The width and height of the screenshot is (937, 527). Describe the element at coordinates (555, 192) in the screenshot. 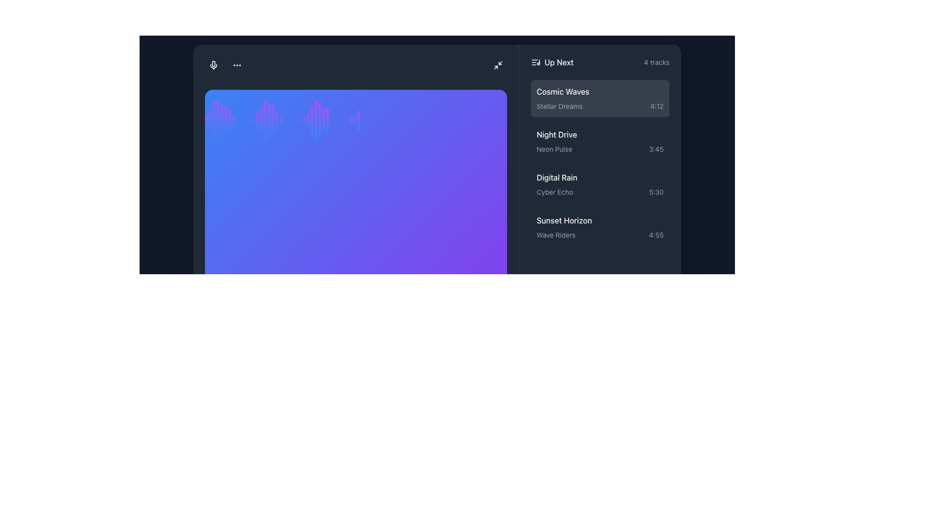

I see `text label located under the 'Digital Rain' heading, which provides additional information such as the album or artist name, positioned next to the timestamp '5:30'` at that location.